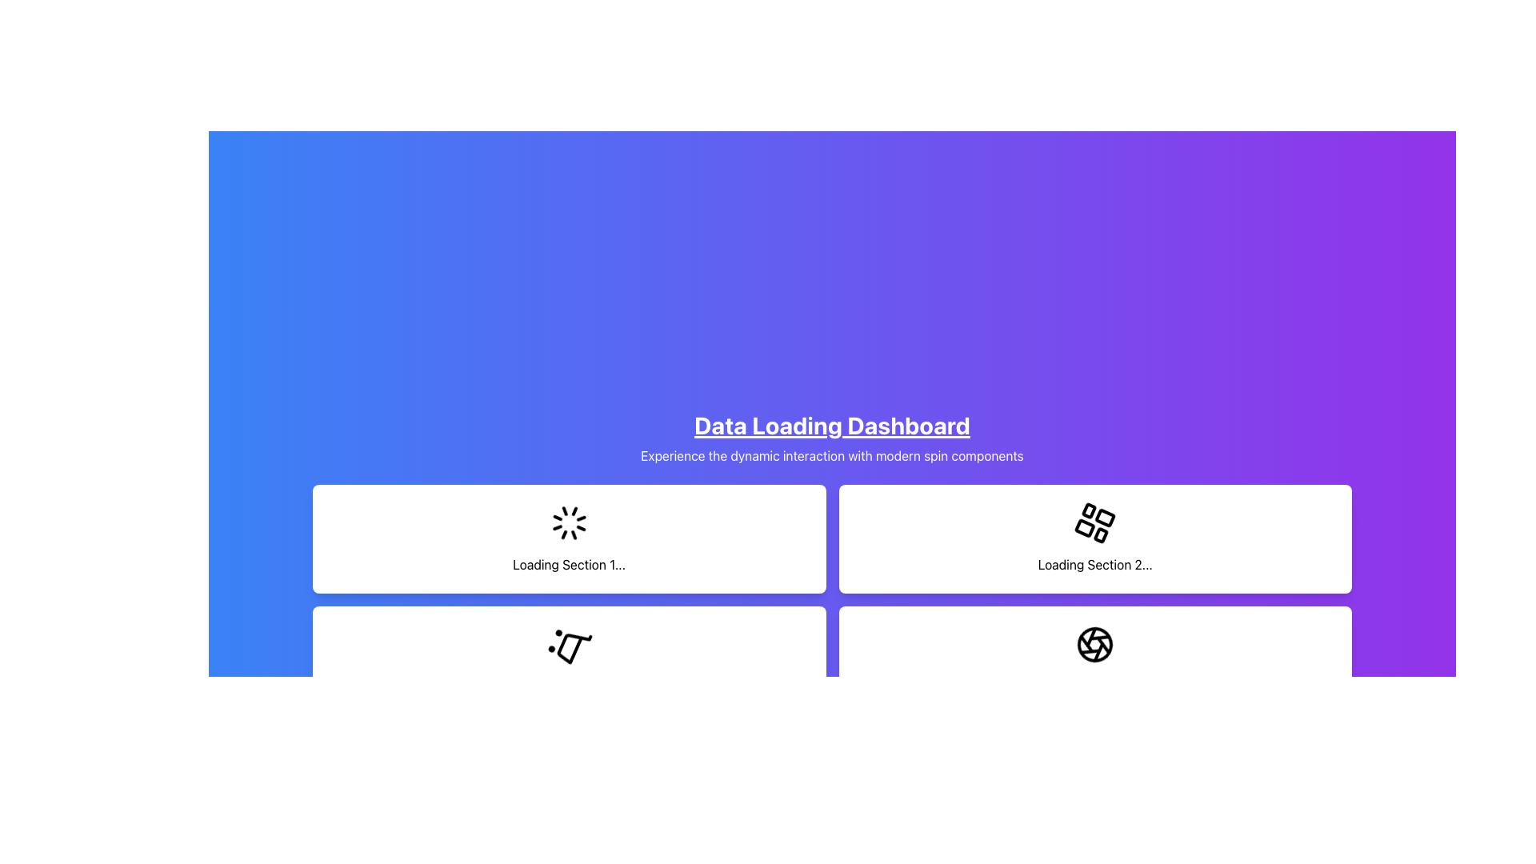  What do you see at coordinates (1094, 644) in the screenshot?
I see `the SVG Circle element, which is the innermost part of an animated spinner icon resembling a camera aperture located in the bottom-right quadrant of the interface` at bounding box center [1094, 644].